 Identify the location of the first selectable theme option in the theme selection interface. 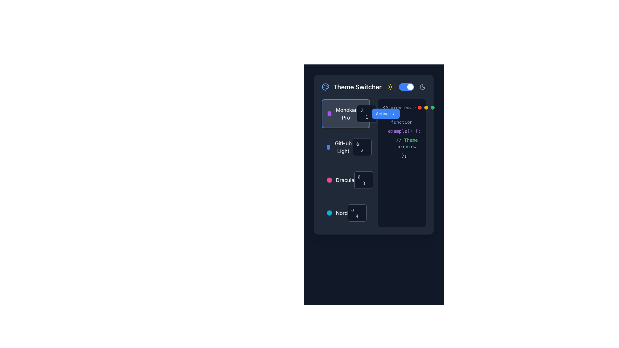
(342, 113).